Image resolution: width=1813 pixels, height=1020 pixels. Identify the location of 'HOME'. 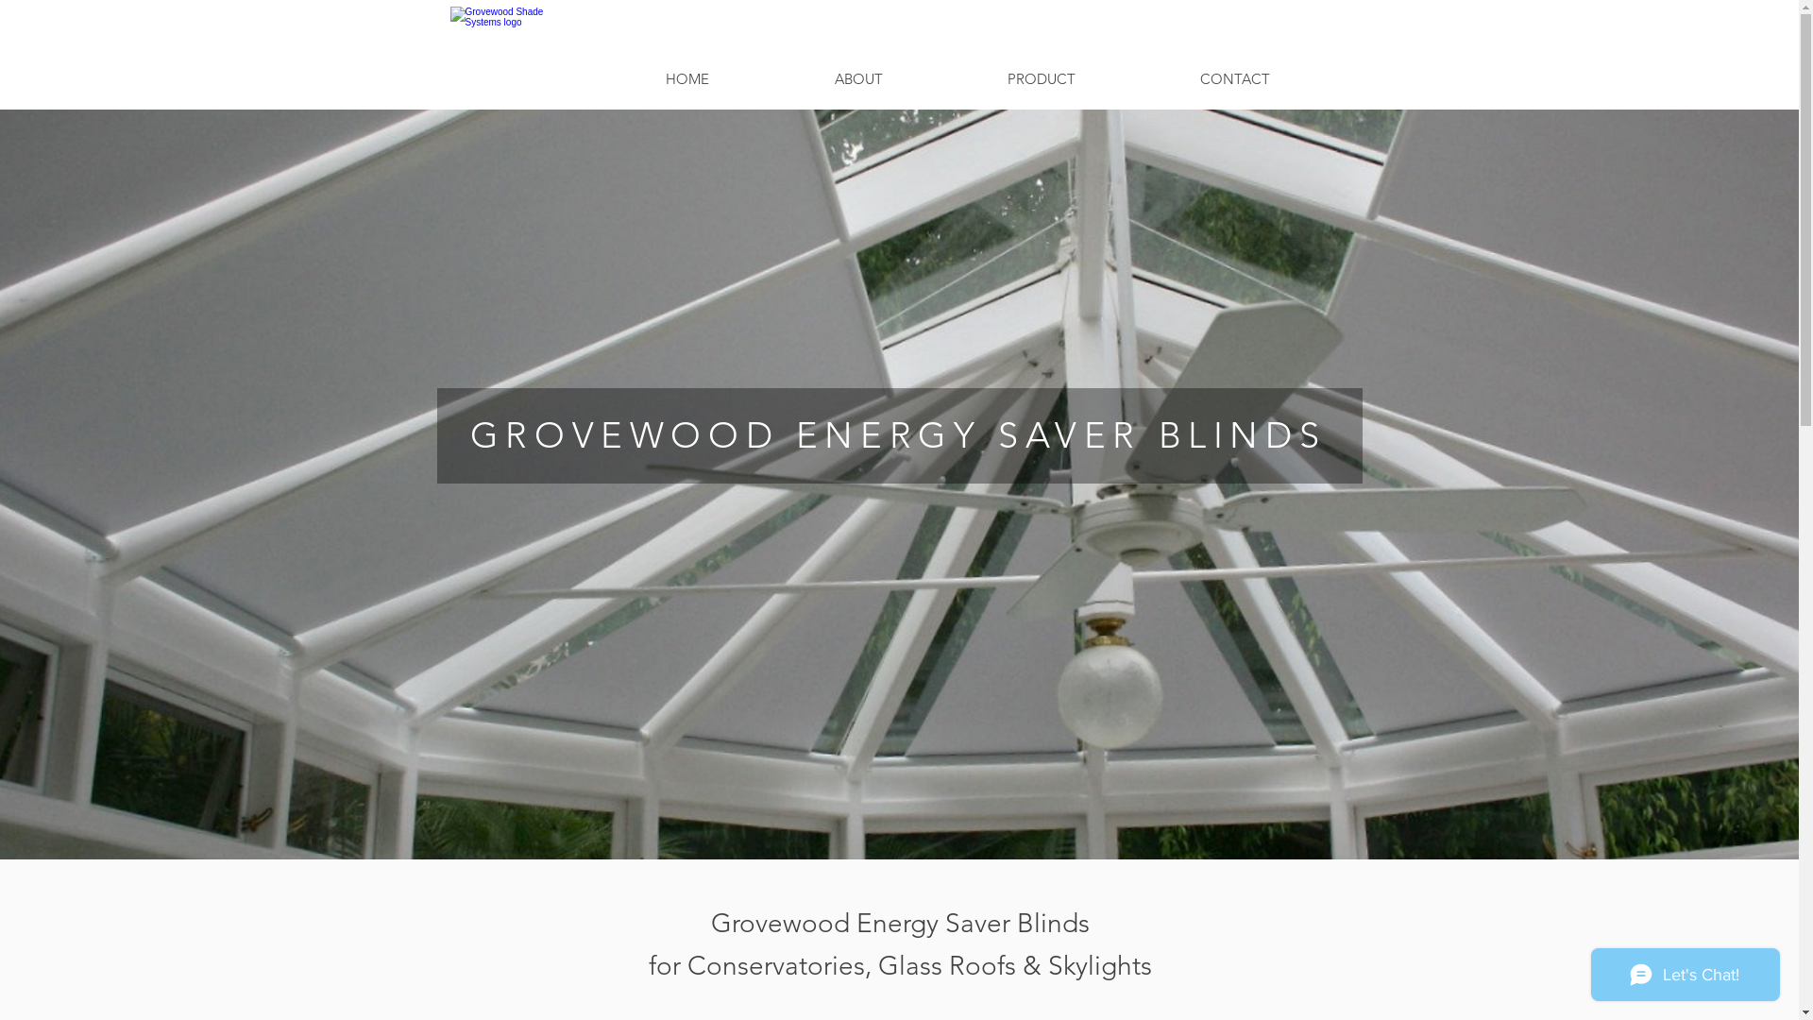
(686, 77).